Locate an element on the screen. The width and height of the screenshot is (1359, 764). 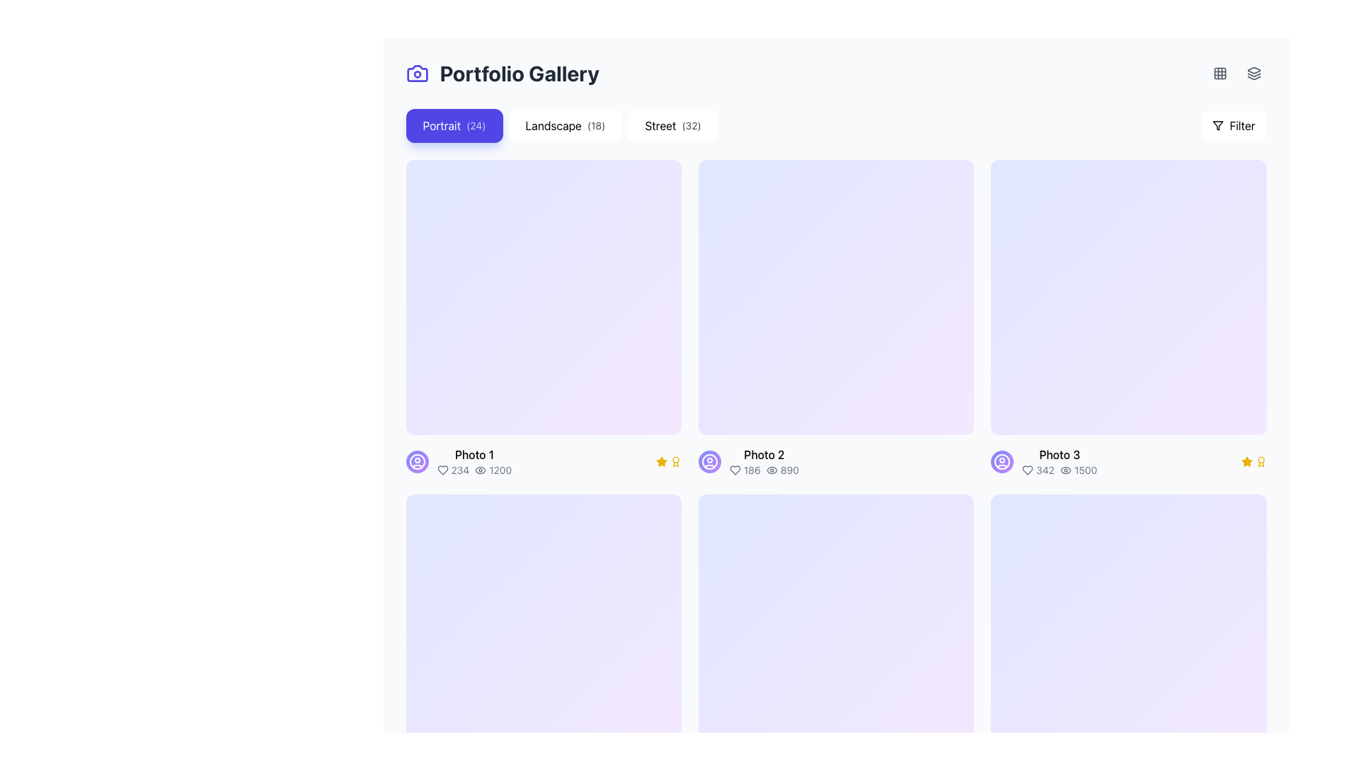
information displayed on the Text Label that indicates the number of items associated with the 'Street' category, located in the top navigation bar between the 'Landscape' button and the filter icon is located at coordinates (692, 125).